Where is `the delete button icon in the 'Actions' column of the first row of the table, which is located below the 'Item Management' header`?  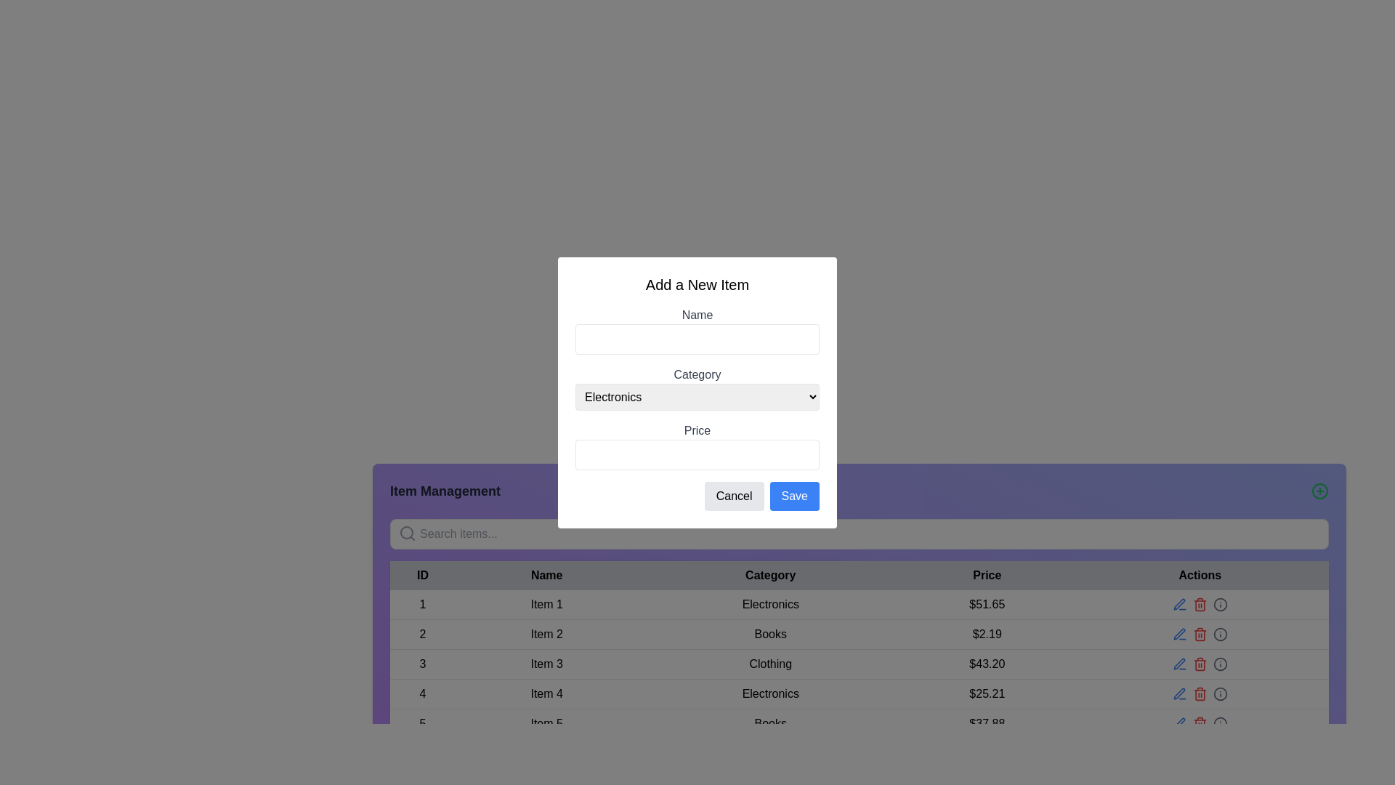
the delete button icon in the 'Actions' column of the first row of the table, which is located below the 'Item Management' header is located at coordinates (1200, 605).